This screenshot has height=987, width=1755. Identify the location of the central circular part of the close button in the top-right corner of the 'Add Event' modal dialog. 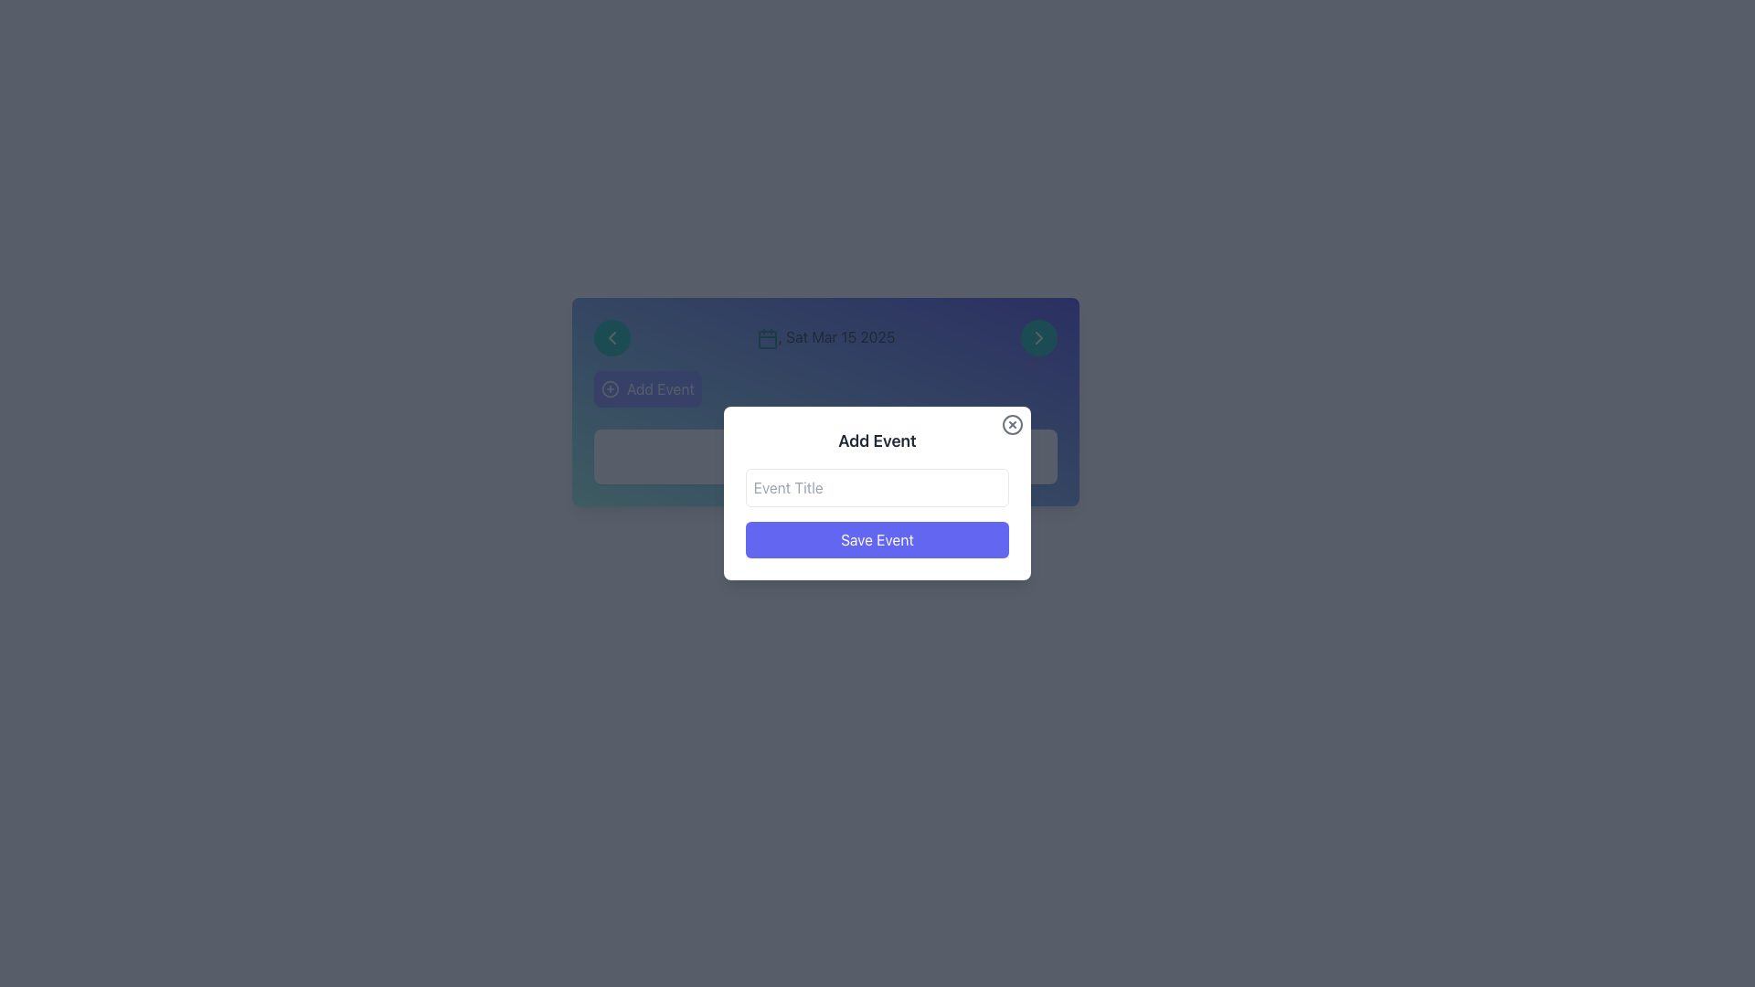
(1012, 425).